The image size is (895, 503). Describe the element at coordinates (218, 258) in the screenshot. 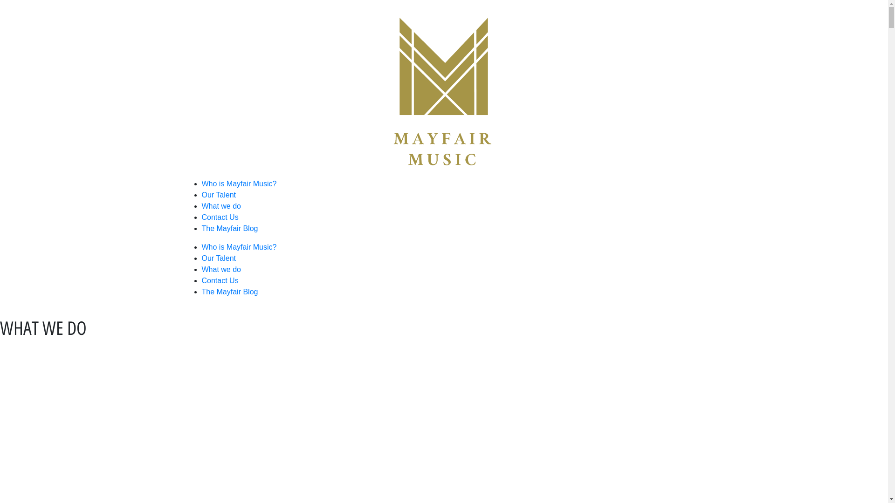

I see `'Our Talent'` at that location.